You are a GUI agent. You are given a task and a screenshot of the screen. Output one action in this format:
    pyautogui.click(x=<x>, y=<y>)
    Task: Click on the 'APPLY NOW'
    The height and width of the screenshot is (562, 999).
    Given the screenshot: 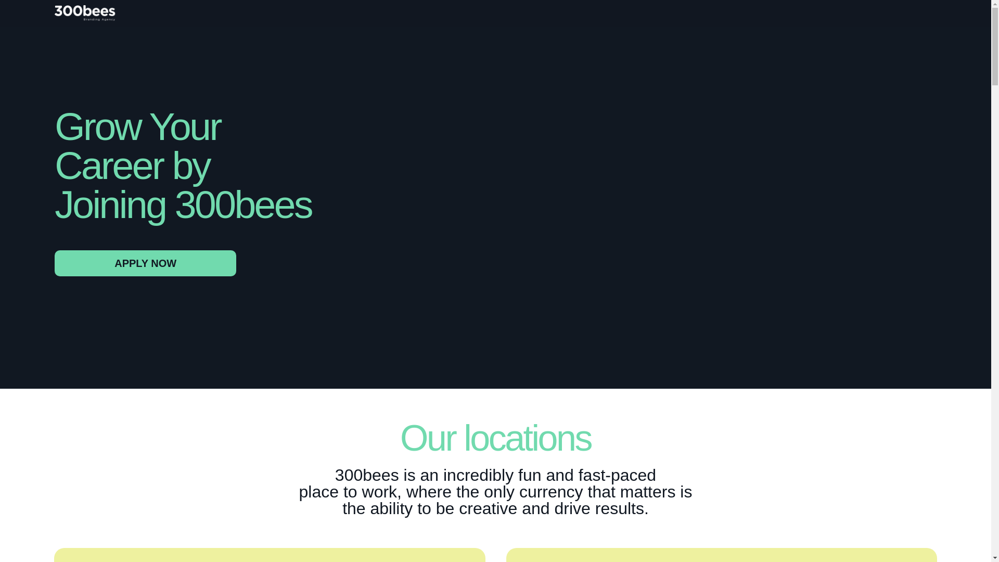 What is the action you would take?
    pyautogui.click(x=145, y=262)
    